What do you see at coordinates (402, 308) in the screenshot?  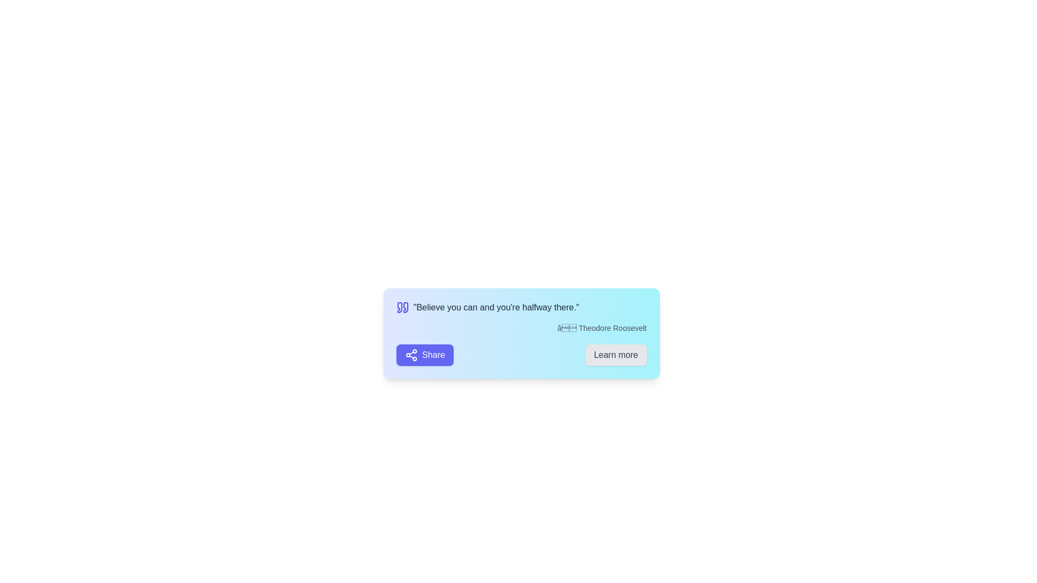 I see `the indigo quotation mark icon located to the left of the quote text 'Believe you can and you're halfway there.'` at bounding box center [402, 308].